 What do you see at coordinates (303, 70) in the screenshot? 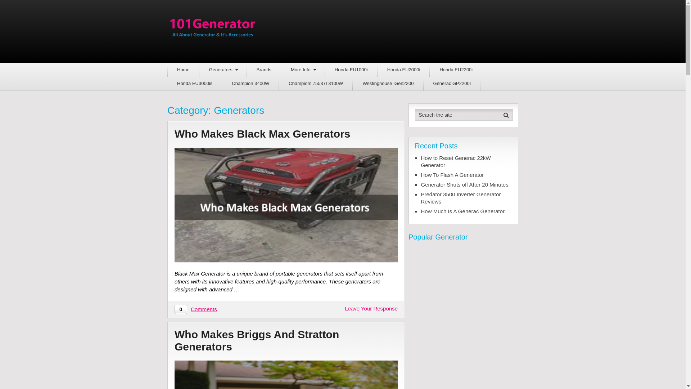
I see `'More Info'` at bounding box center [303, 70].